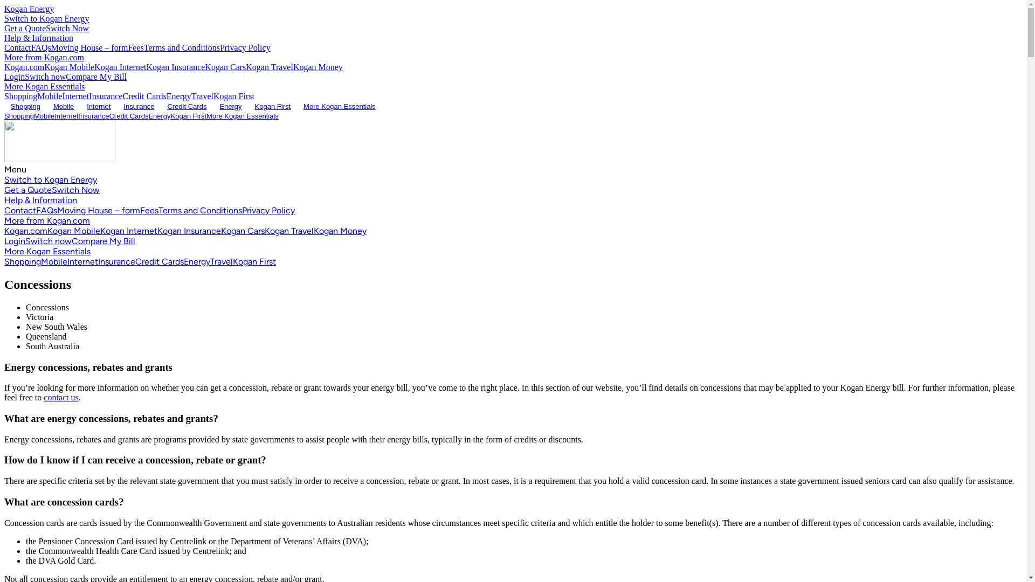 Image resolution: width=1035 pixels, height=582 pixels. Describe the element at coordinates (4, 76) in the screenshot. I see `'Login'` at that location.